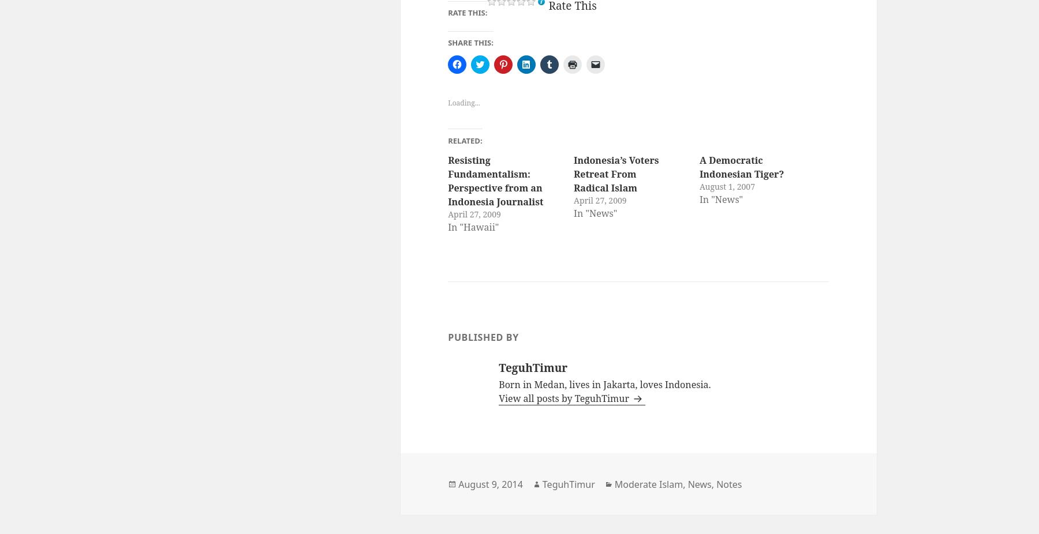 This screenshot has height=534, width=1039. I want to click on 'Loading...', so click(464, 102).